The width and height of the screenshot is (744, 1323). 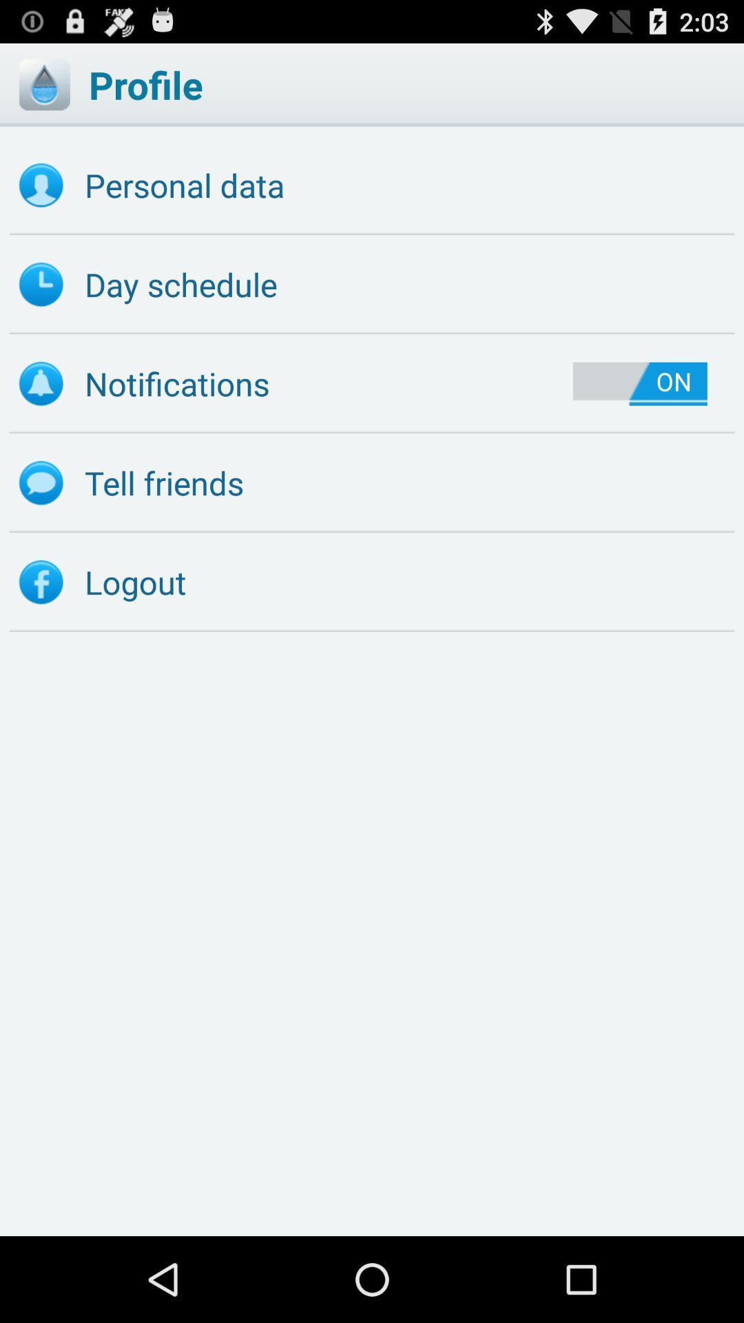 I want to click on the personal data item, so click(x=372, y=185).